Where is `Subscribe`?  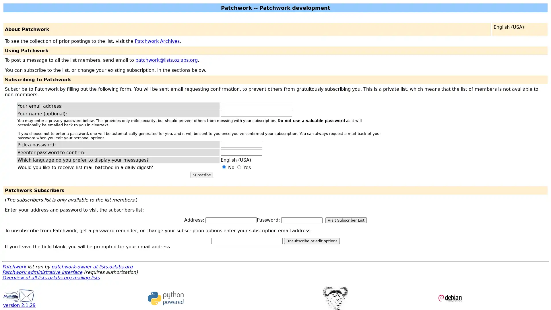
Subscribe is located at coordinates (201, 175).